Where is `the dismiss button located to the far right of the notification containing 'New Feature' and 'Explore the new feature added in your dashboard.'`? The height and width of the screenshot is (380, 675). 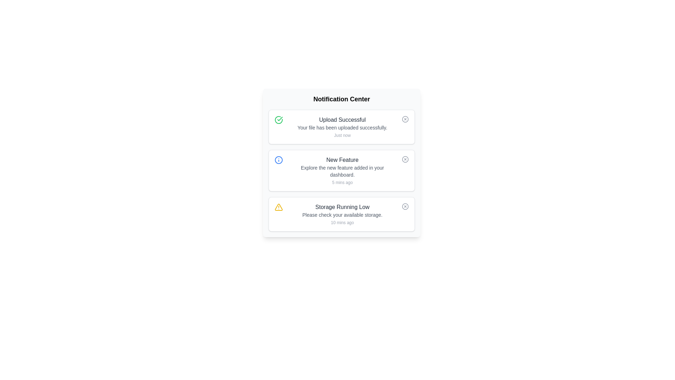
the dismiss button located to the far right of the notification containing 'New Feature' and 'Explore the new feature added in your dashboard.' is located at coordinates (405, 159).